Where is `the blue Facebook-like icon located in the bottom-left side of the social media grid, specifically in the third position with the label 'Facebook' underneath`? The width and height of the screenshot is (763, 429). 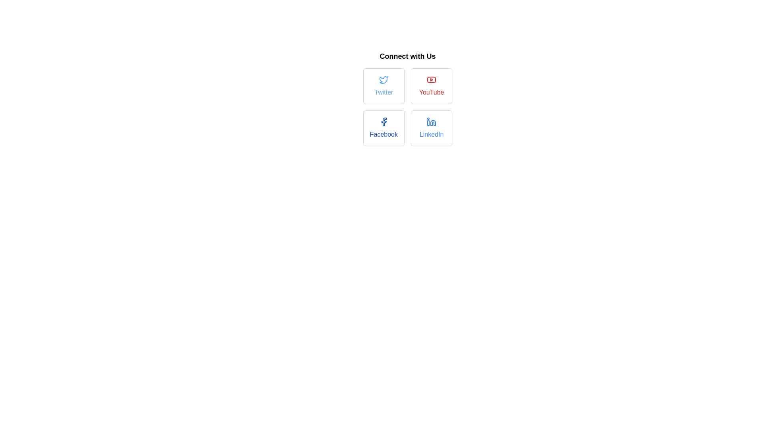 the blue Facebook-like icon located in the bottom-left side of the social media grid, specifically in the third position with the label 'Facebook' underneath is located at coordinates (384, 122).